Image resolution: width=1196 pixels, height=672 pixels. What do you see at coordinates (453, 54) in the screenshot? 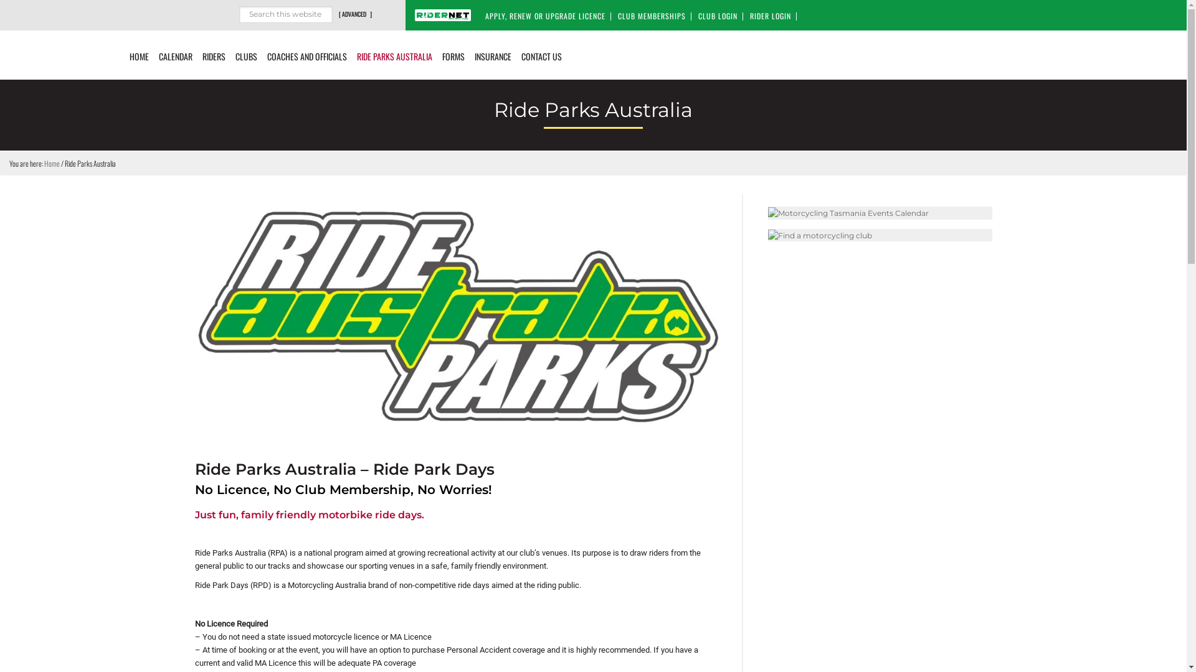
I see `'FORMS'` at bounding box center [453, 54].